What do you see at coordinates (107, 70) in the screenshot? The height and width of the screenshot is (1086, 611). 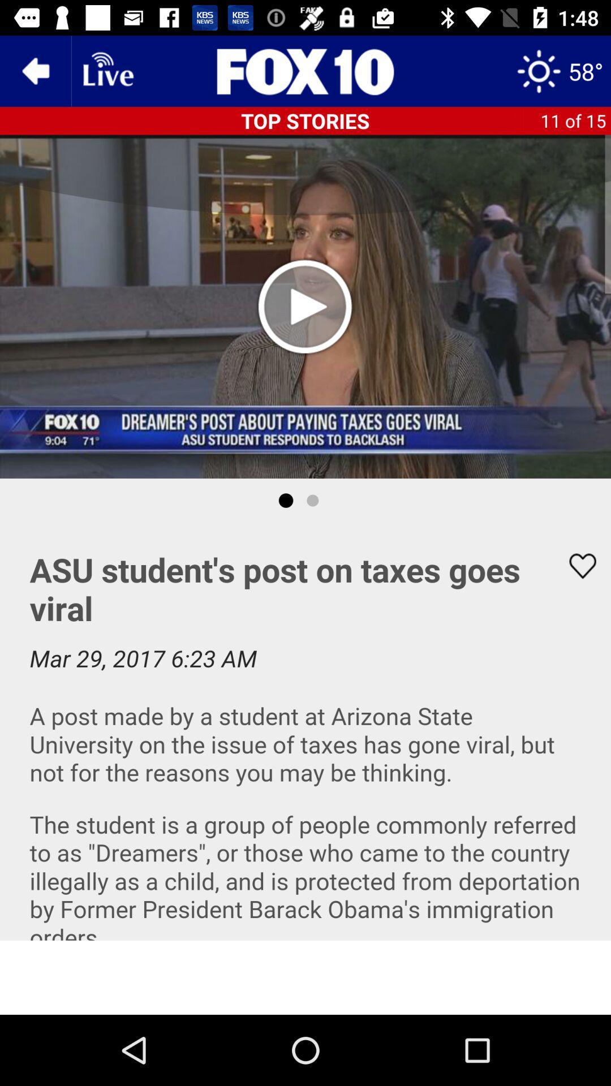 I see `live` at bounding box center [107, 70].